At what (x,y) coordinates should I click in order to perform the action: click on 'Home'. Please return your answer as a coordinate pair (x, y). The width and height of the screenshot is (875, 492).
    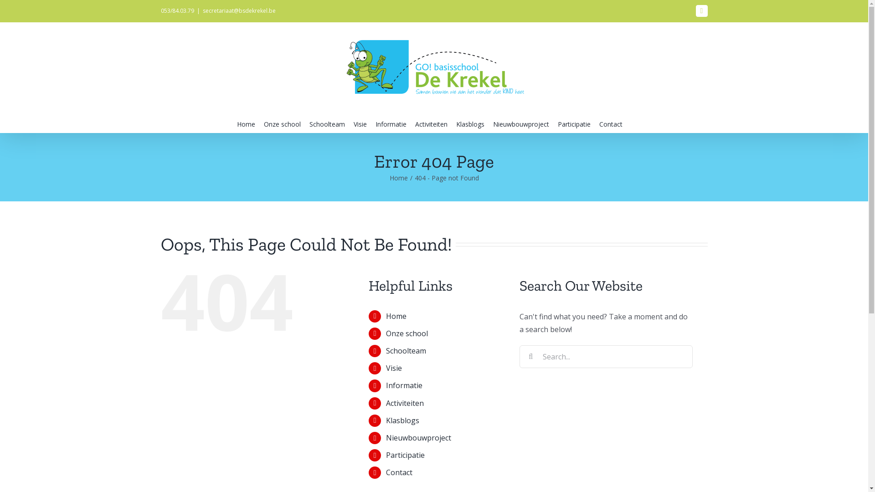
    Looking at the image, I should click on (389, 178).